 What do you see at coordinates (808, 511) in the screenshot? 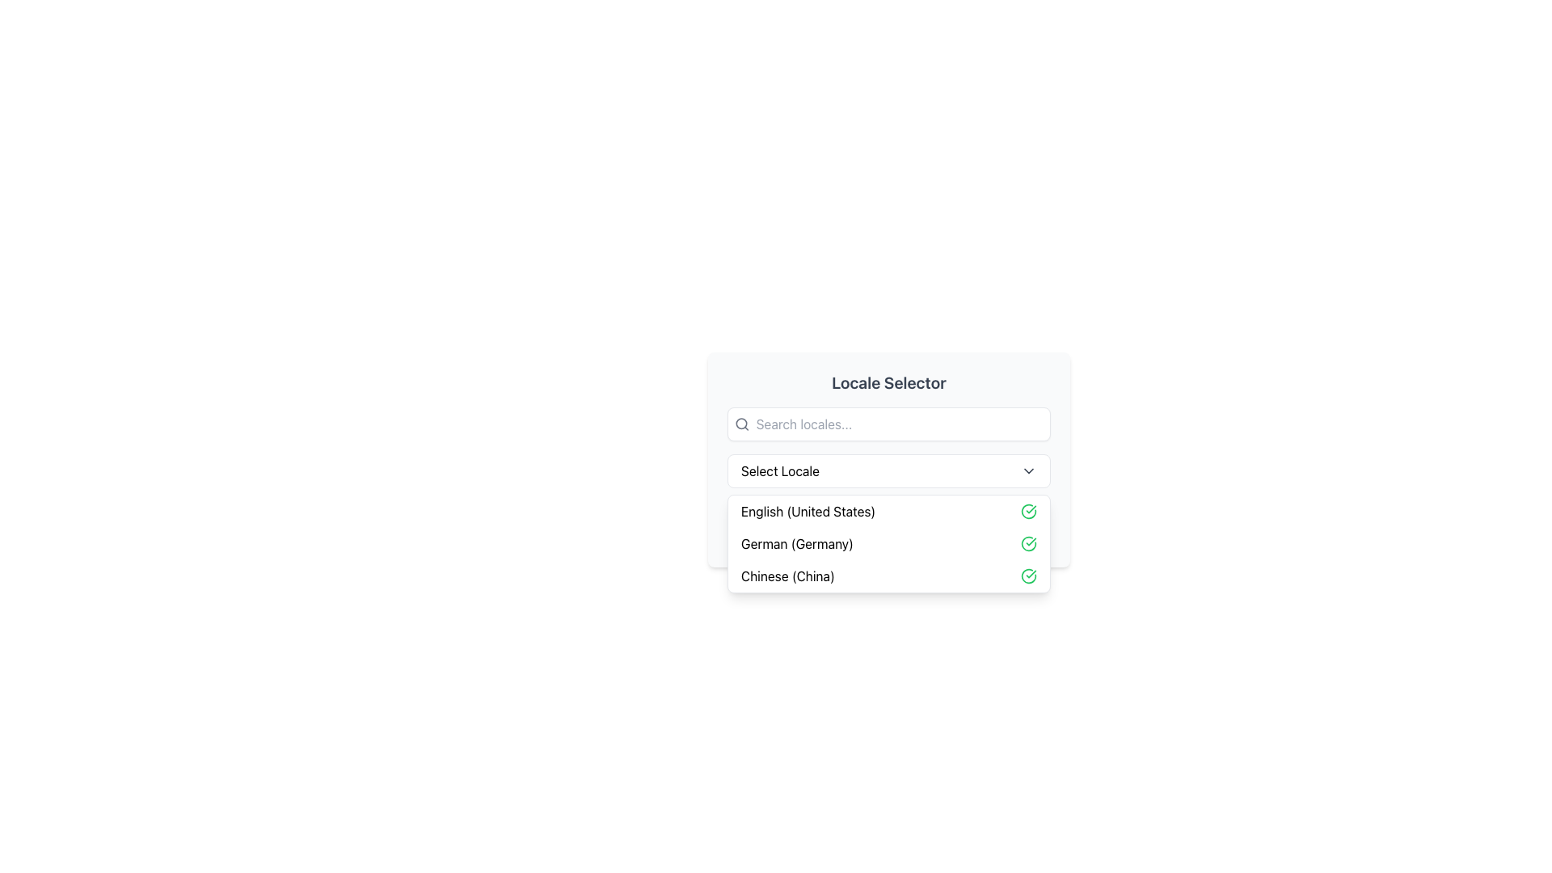
I see `the 'English (United States)' text label in the dropdown menu` at bounding box center [808, 511].